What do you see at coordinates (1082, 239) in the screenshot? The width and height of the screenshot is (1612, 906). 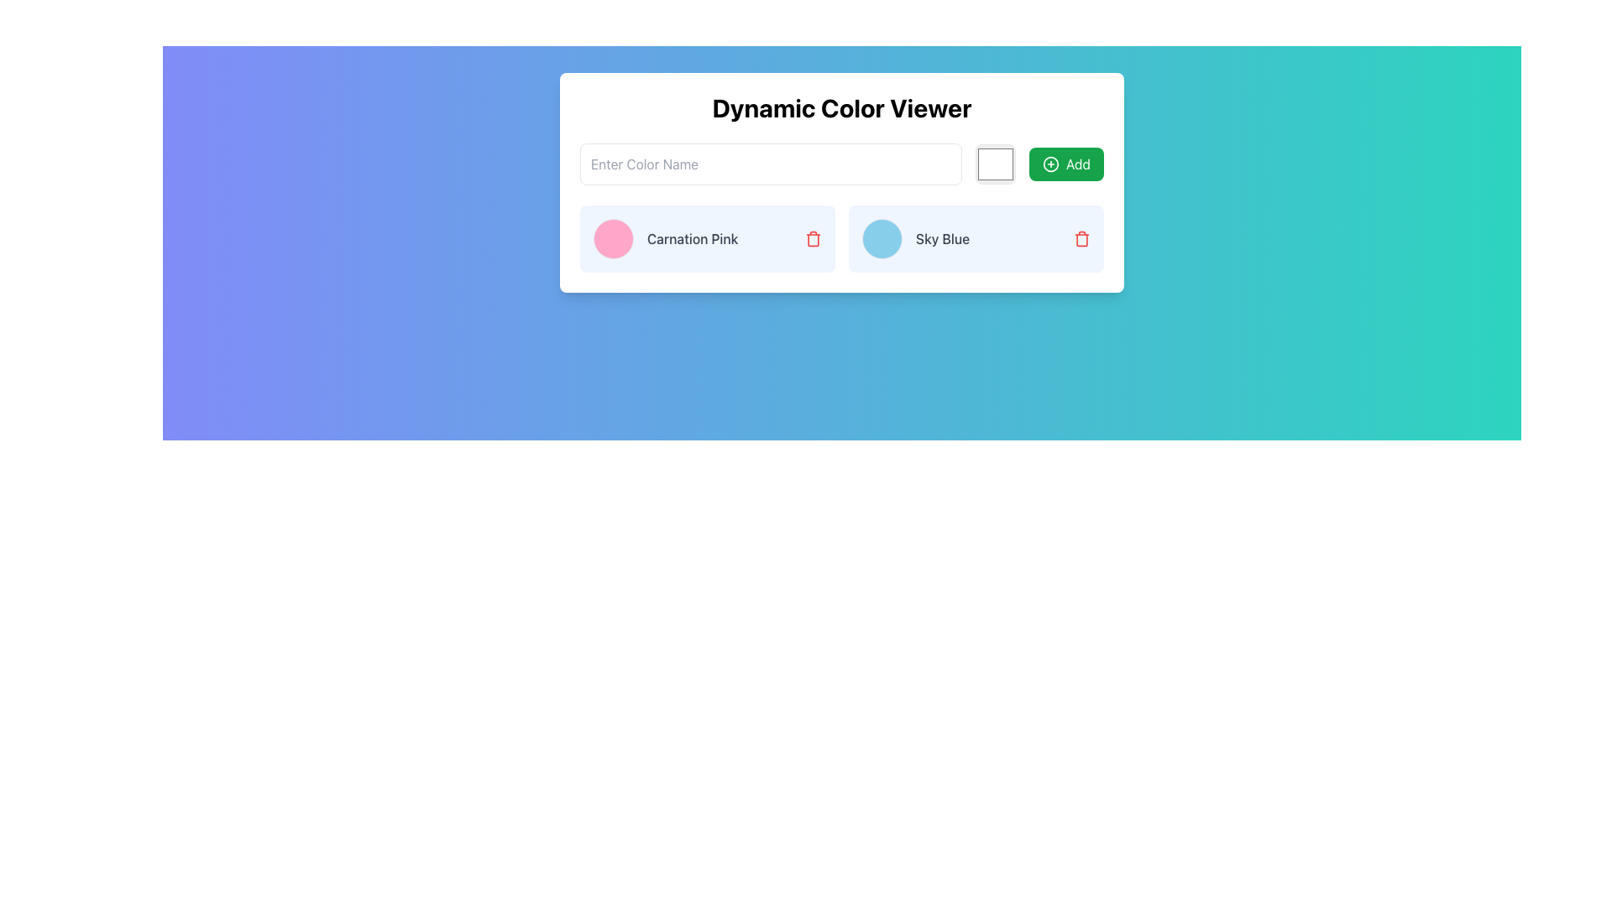 I see `the red trash bin icon located on the far-right side of the 'Sky Blue' item card` at bounding box center [1082, 239].